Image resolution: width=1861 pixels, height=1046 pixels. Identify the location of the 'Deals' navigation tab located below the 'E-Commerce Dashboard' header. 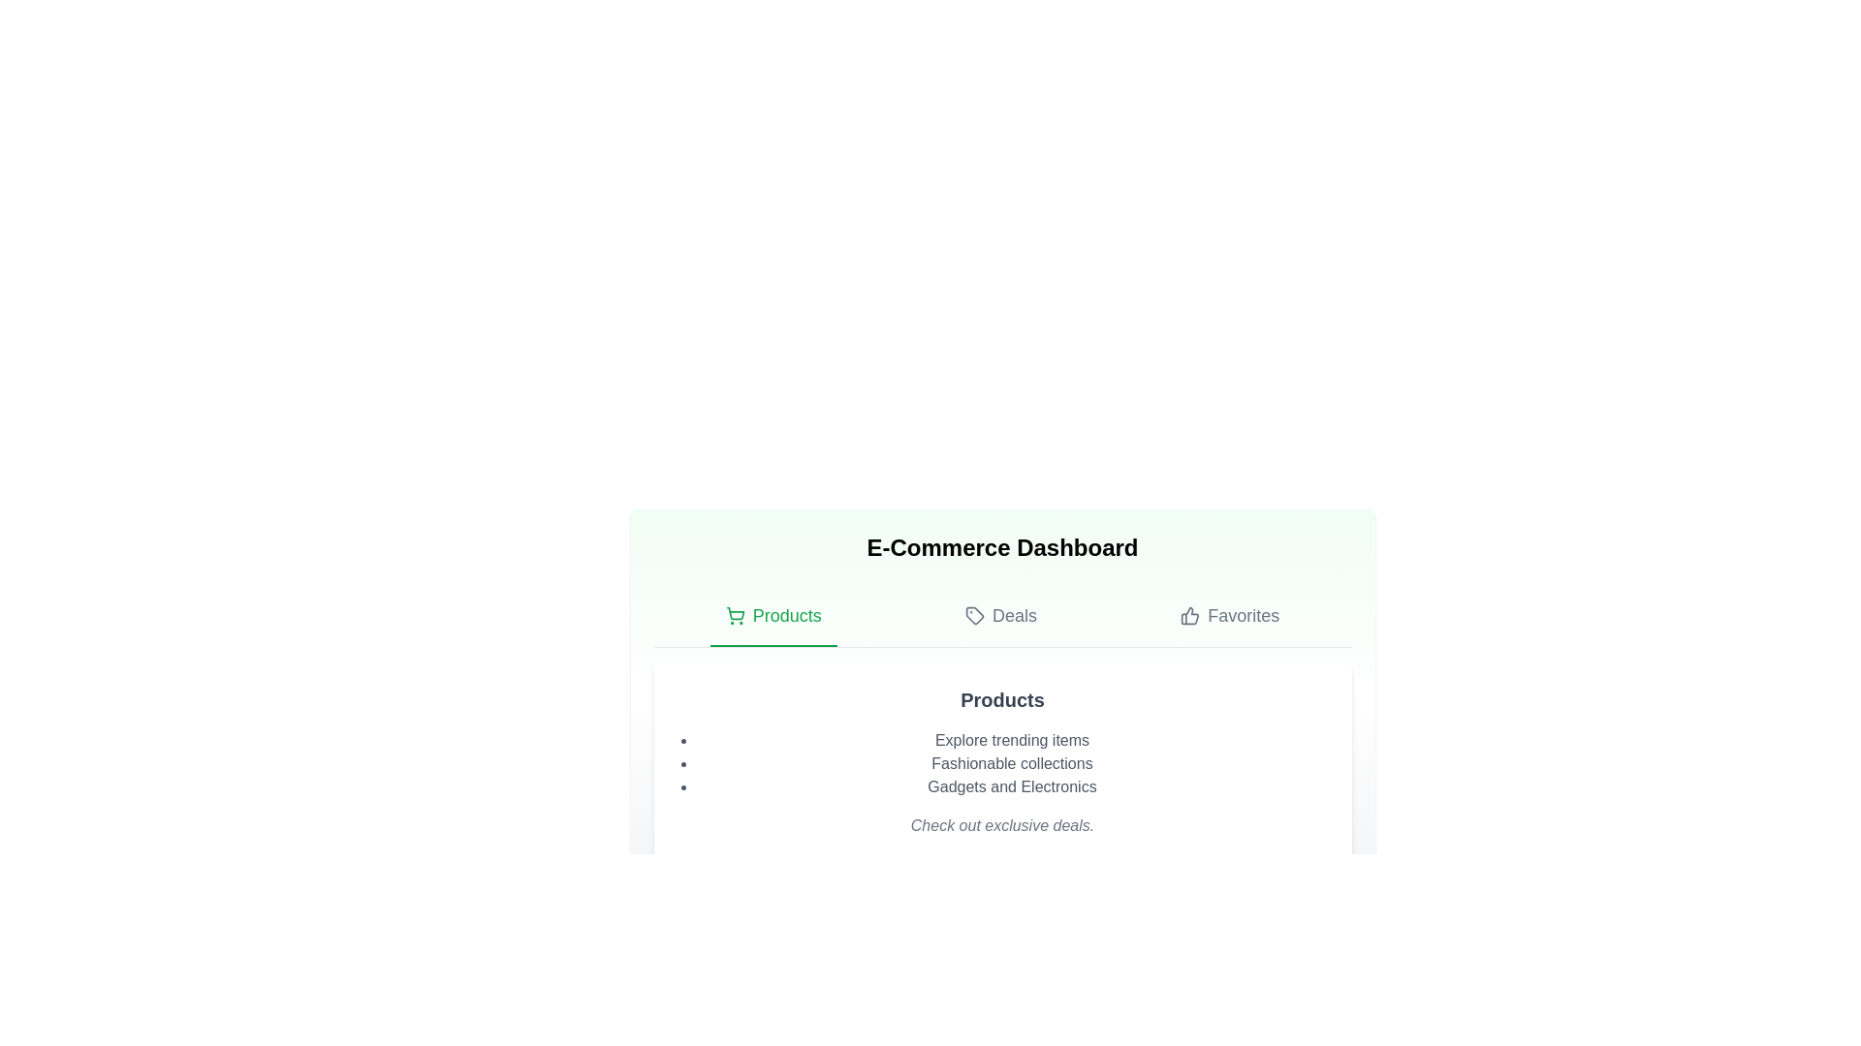
(1000, 616).